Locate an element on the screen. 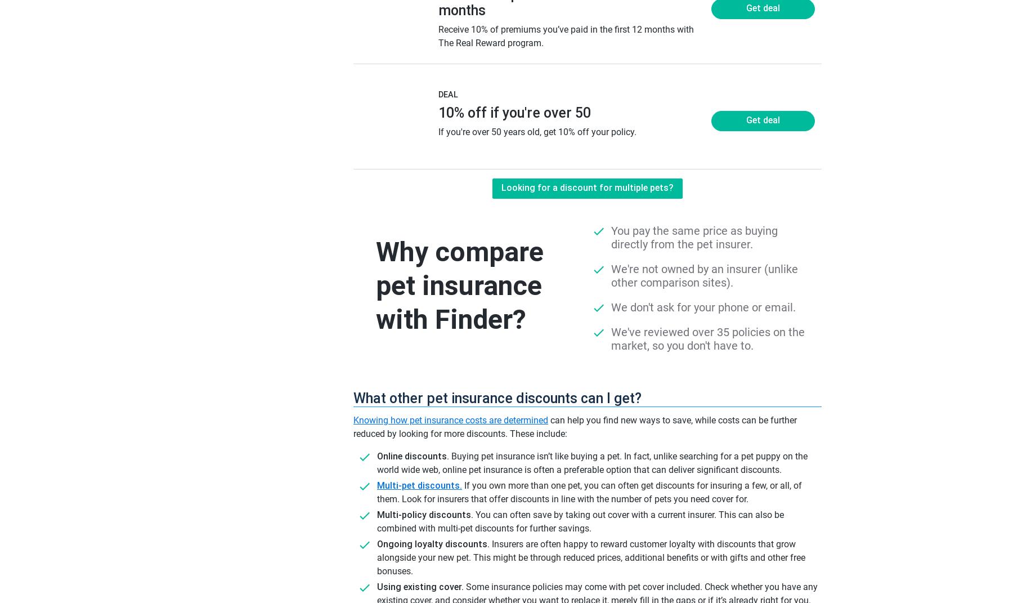 This screenshot has width=1013, height=603. 'Ongoing loyalty discounts.' is located at coordinates (433, 543).